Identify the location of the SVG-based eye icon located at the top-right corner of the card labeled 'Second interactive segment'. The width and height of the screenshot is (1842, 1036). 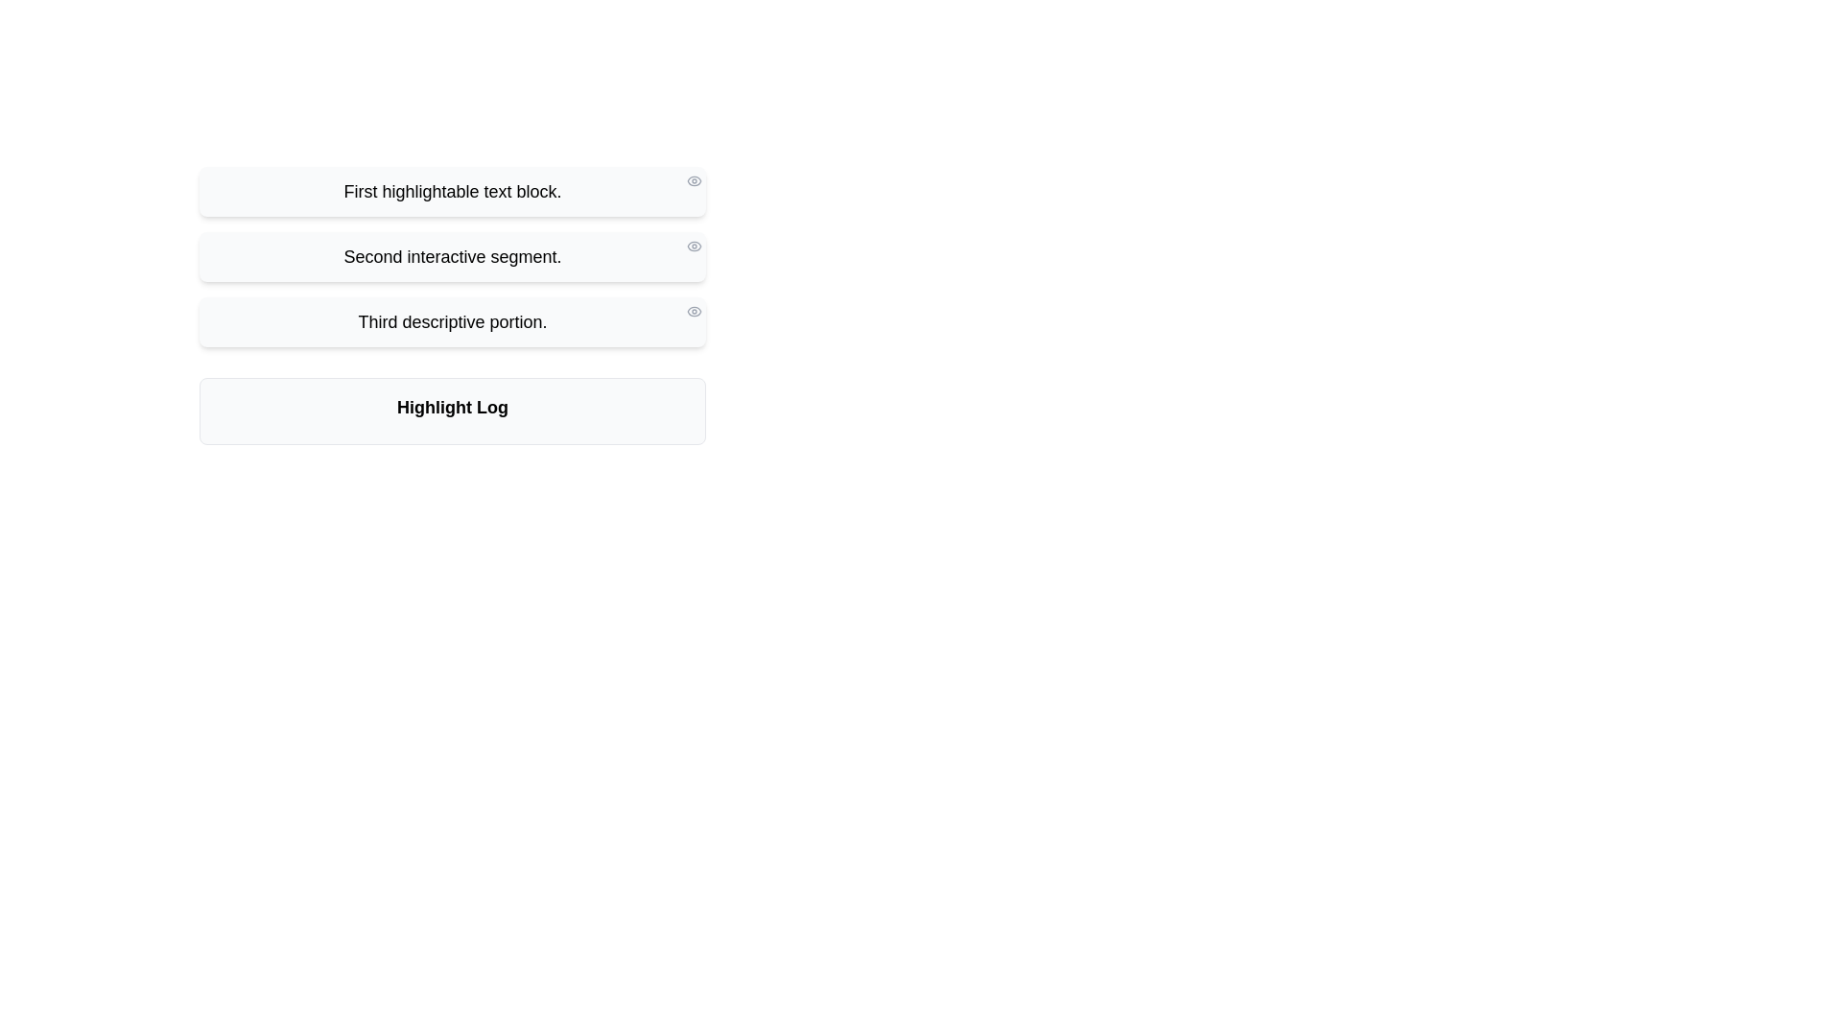
(694, 244).